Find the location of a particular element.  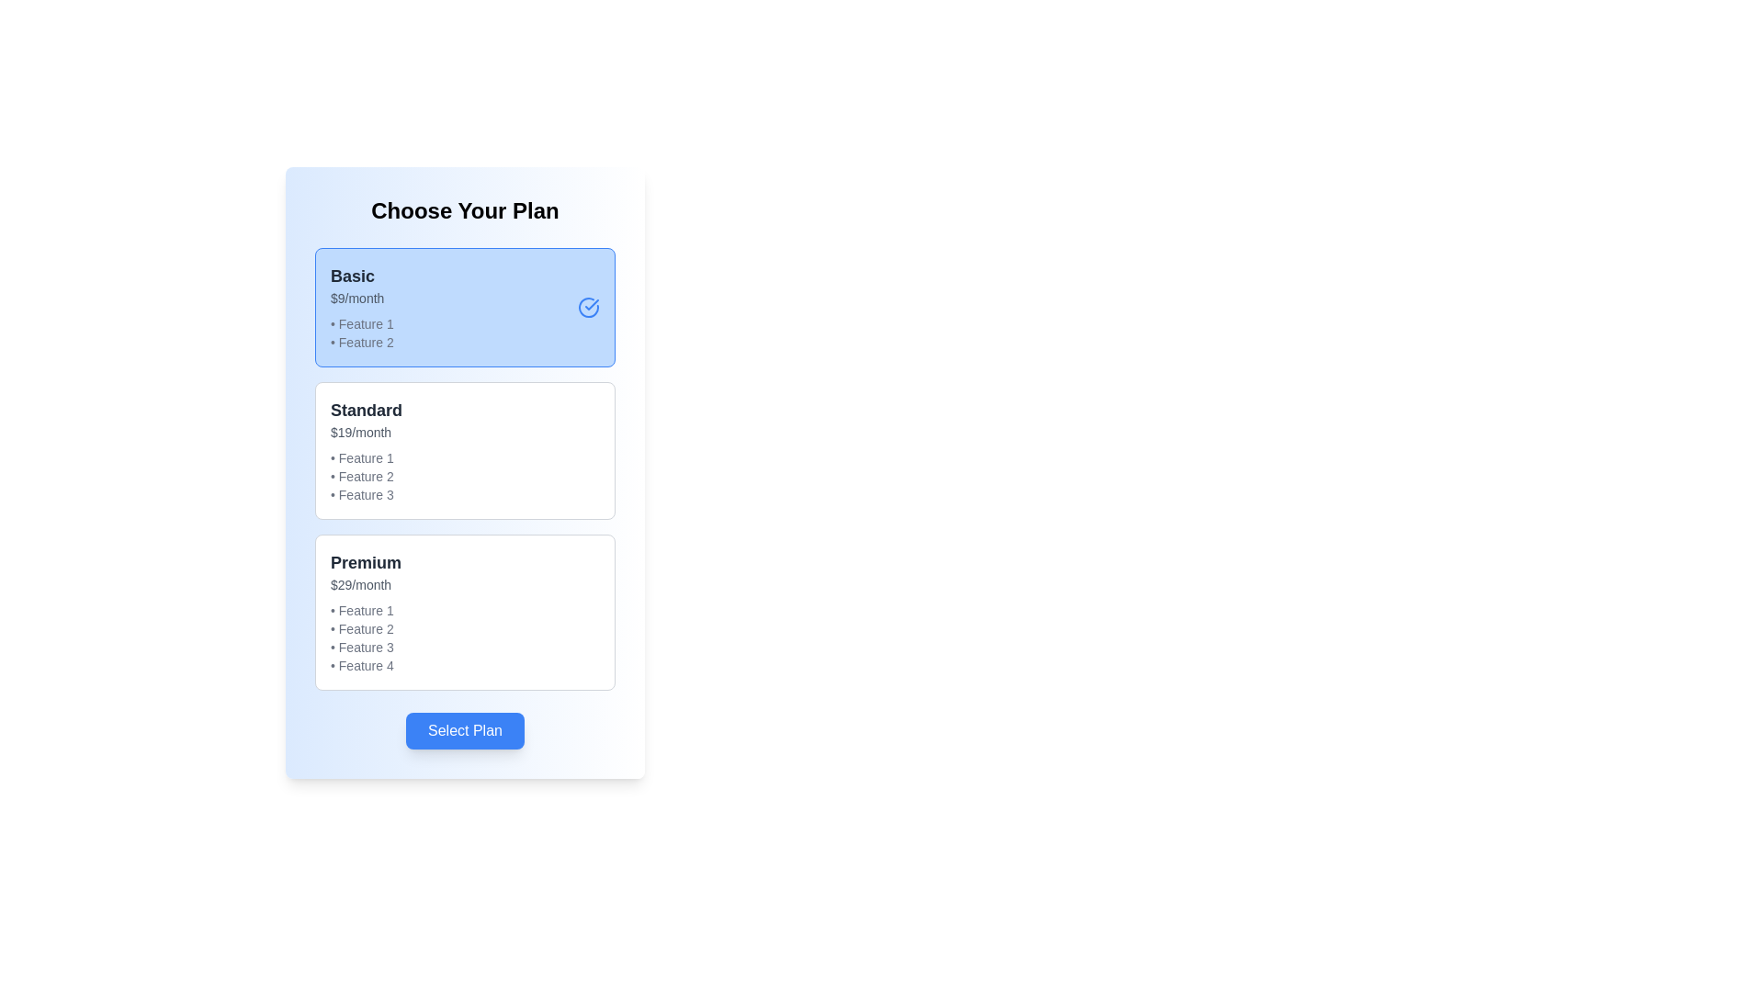

the static text element displaying '• Feature 1', which is the first item in the list for the 'Standard' plan is located at coordinates (366, 457).